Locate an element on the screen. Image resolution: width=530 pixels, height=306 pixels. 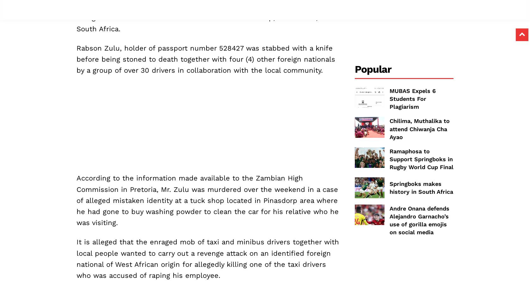
'A 28 year old Zambian national has been stoned to death by a group of enraged taxi and minibus drivers in a town of Klerksdorp, North West, South Africa.' is located at coordinates (199, 17).